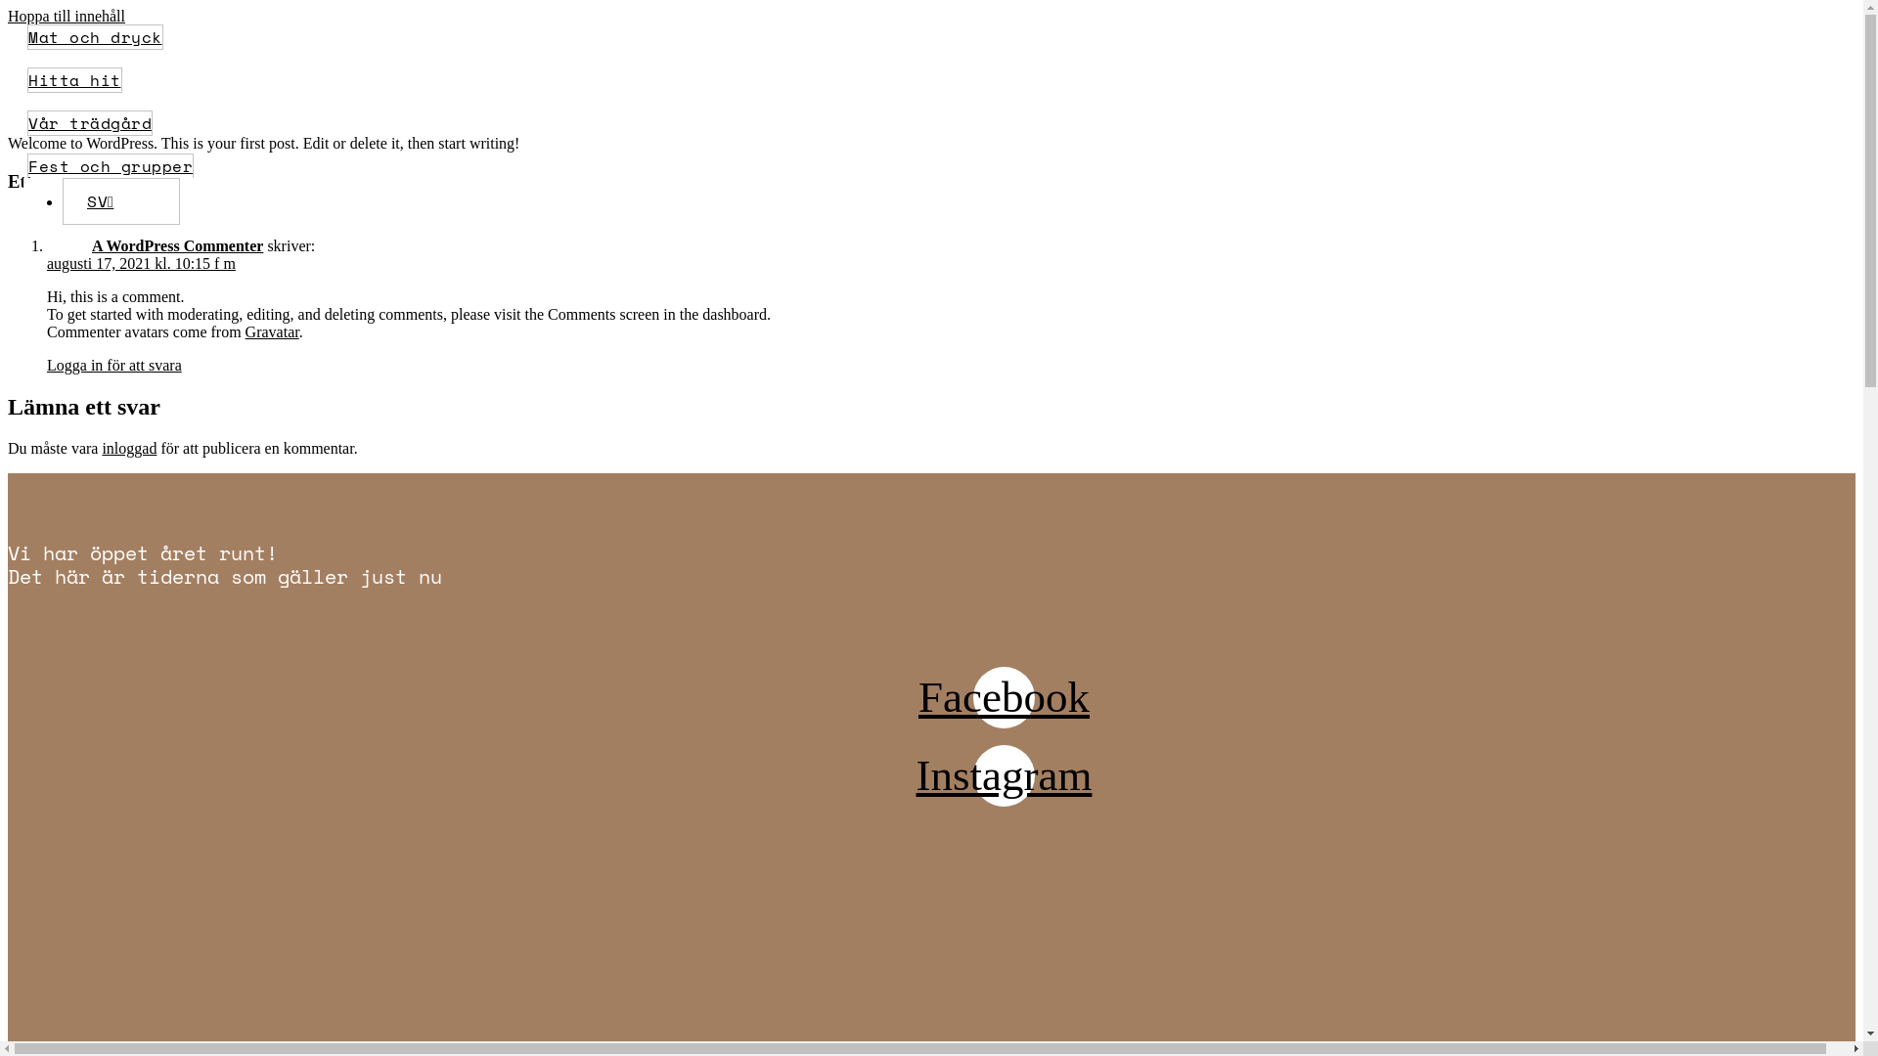 The height and width of the screenshot is (1056, 1878). Describe the element at coordinates (27, 164) in the screenshot. I see `'Fest och grupper'` at that location.